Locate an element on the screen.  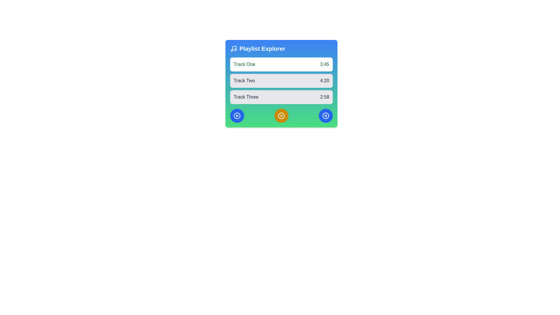
the circular blue button with a white play icon located at the bottom of the playlist interface is located at coordinates (237, 116).